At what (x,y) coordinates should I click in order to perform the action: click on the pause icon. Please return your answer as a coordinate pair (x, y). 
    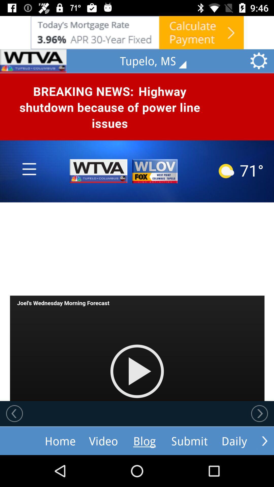
    Looking at the image, I should click on (33, 61).